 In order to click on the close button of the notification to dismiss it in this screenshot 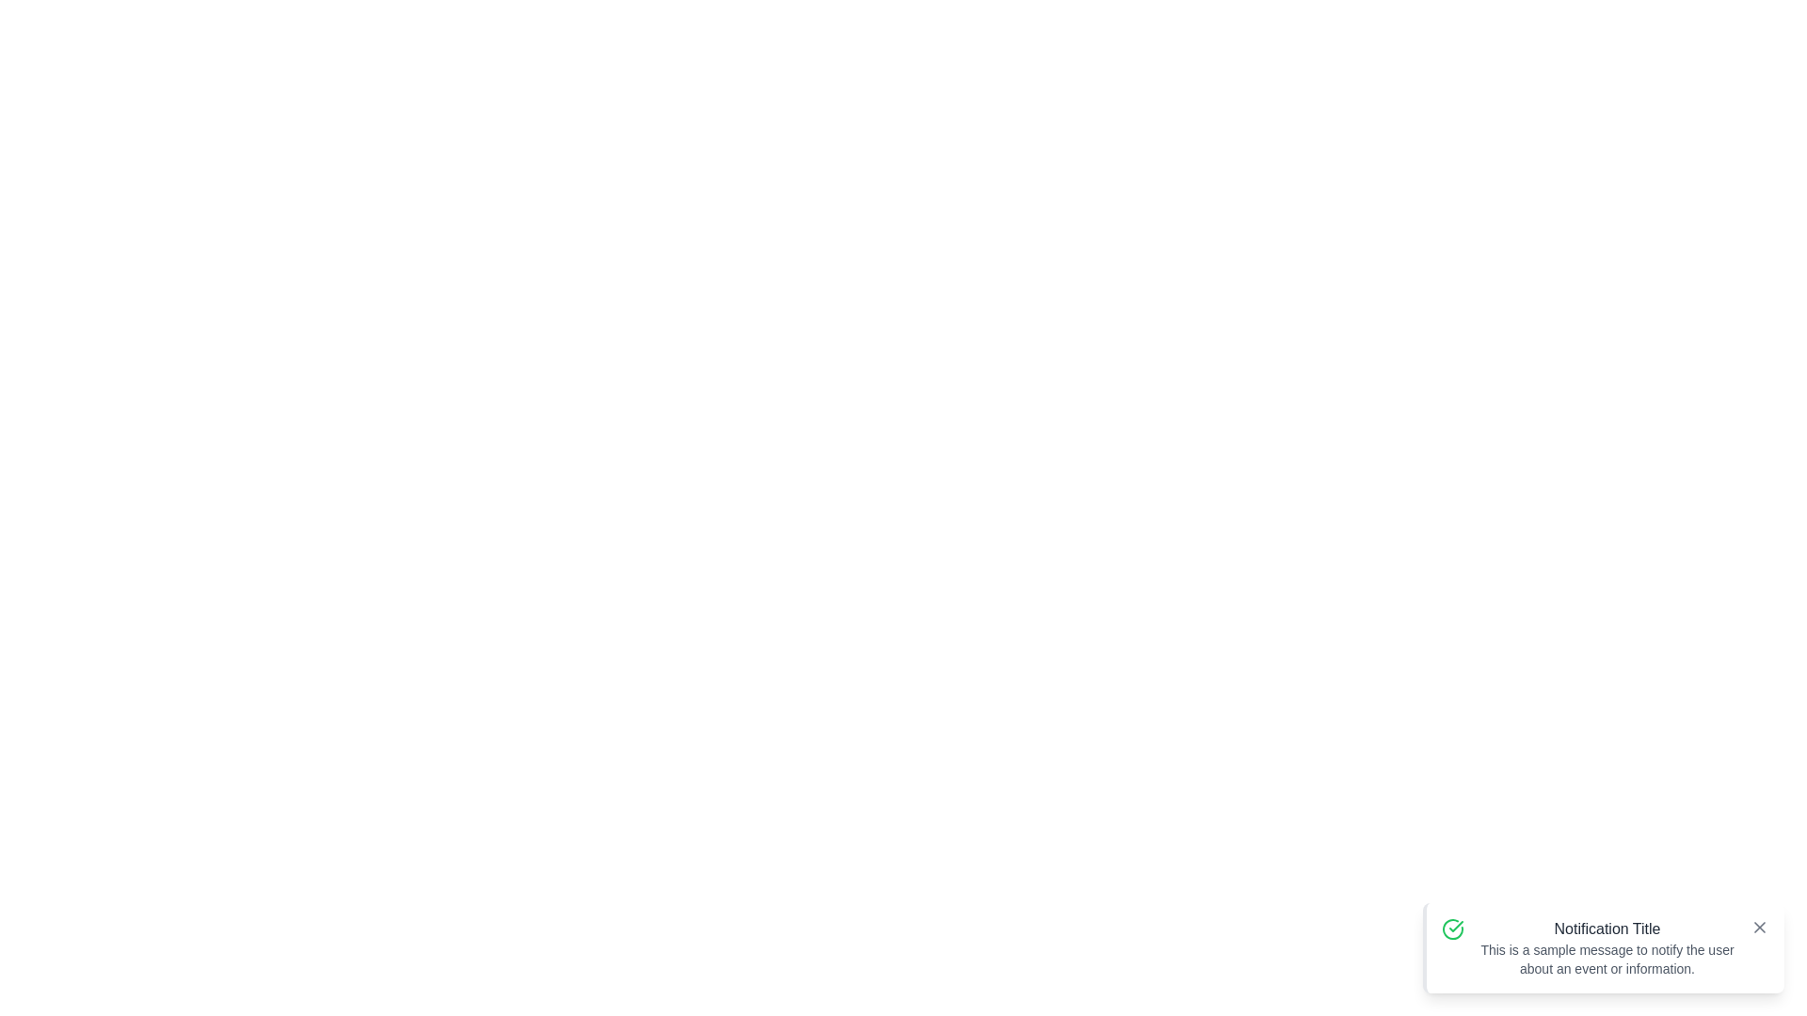, I will do `click(1759, 927)`.